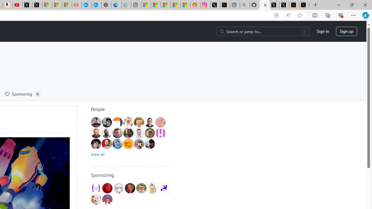 The width and height of the screenshot is (372, 209). I want to click on 'View all', so click(98, 154).